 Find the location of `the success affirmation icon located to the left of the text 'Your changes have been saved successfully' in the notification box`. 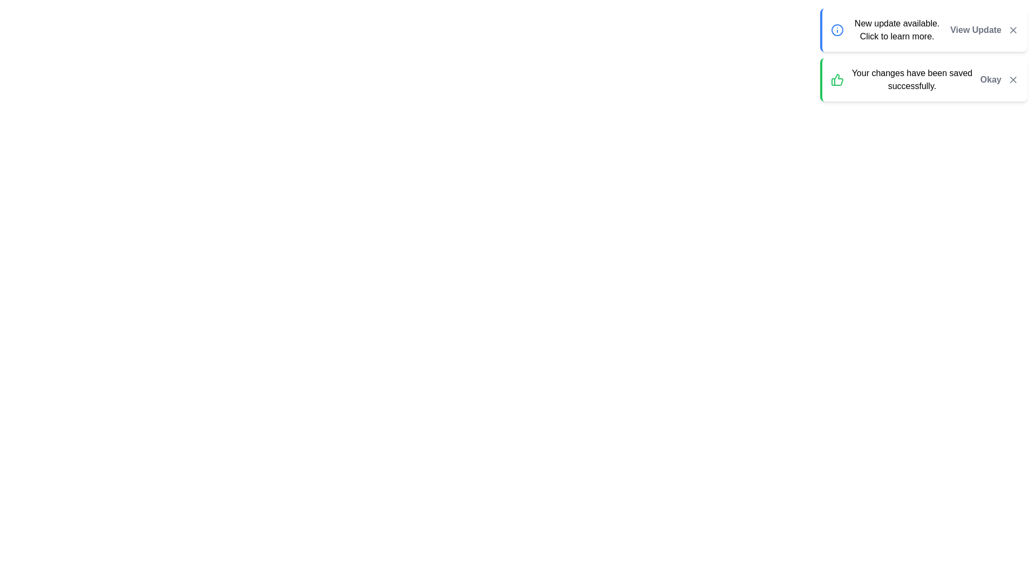

the success affirmation icon located to the left of the text 'Your changes have been saved successfully' in the notification box is located at coordinates (836, 79).